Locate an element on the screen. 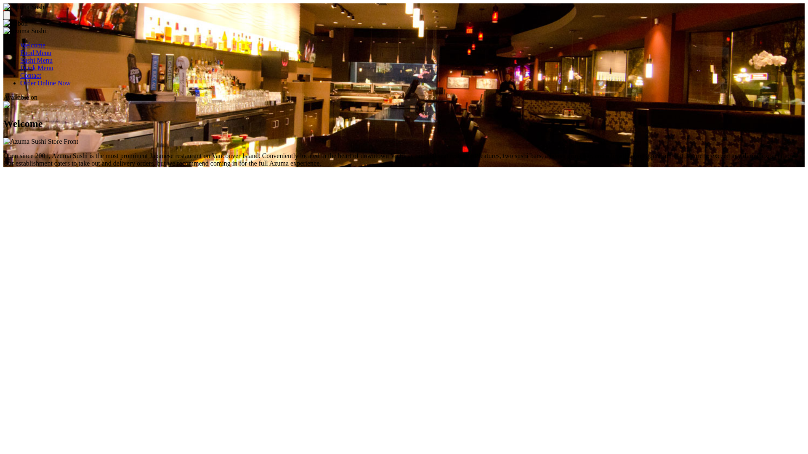 The width and height of the screenshot is (808, 454). 'Sushi Menu' is located at coordinates (36, 60).